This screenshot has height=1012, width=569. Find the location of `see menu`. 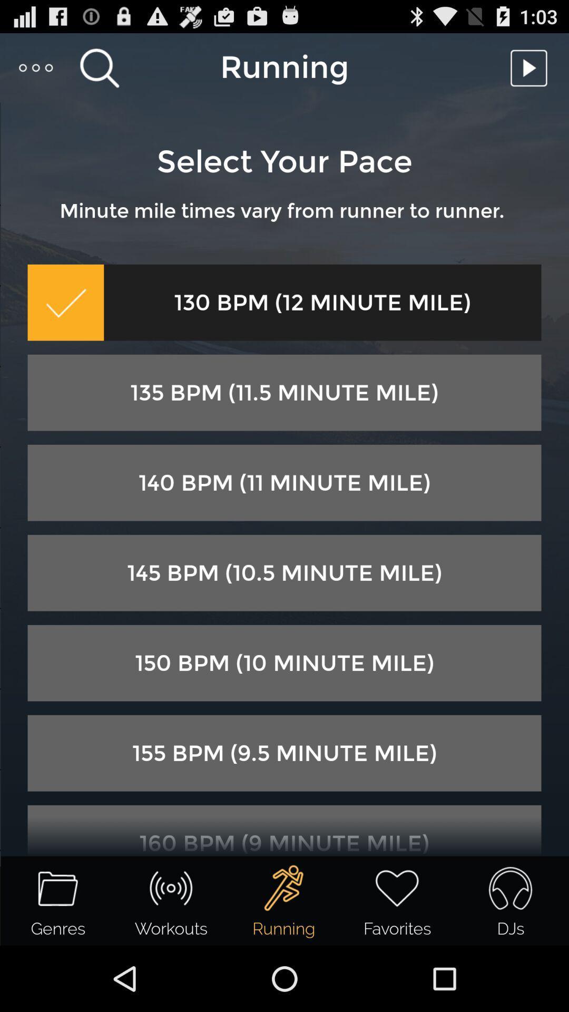

see menu is located at coordinates (36, 67).